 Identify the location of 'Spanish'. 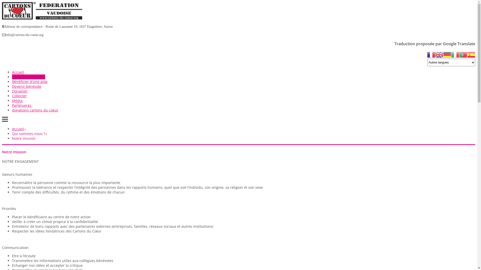
(467, 54).